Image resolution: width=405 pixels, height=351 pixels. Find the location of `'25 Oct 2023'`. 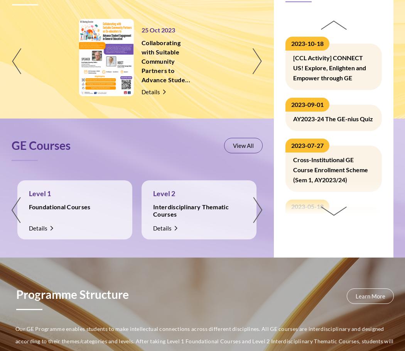

'25 Oct 2023' is located at coordinates (158, 29).